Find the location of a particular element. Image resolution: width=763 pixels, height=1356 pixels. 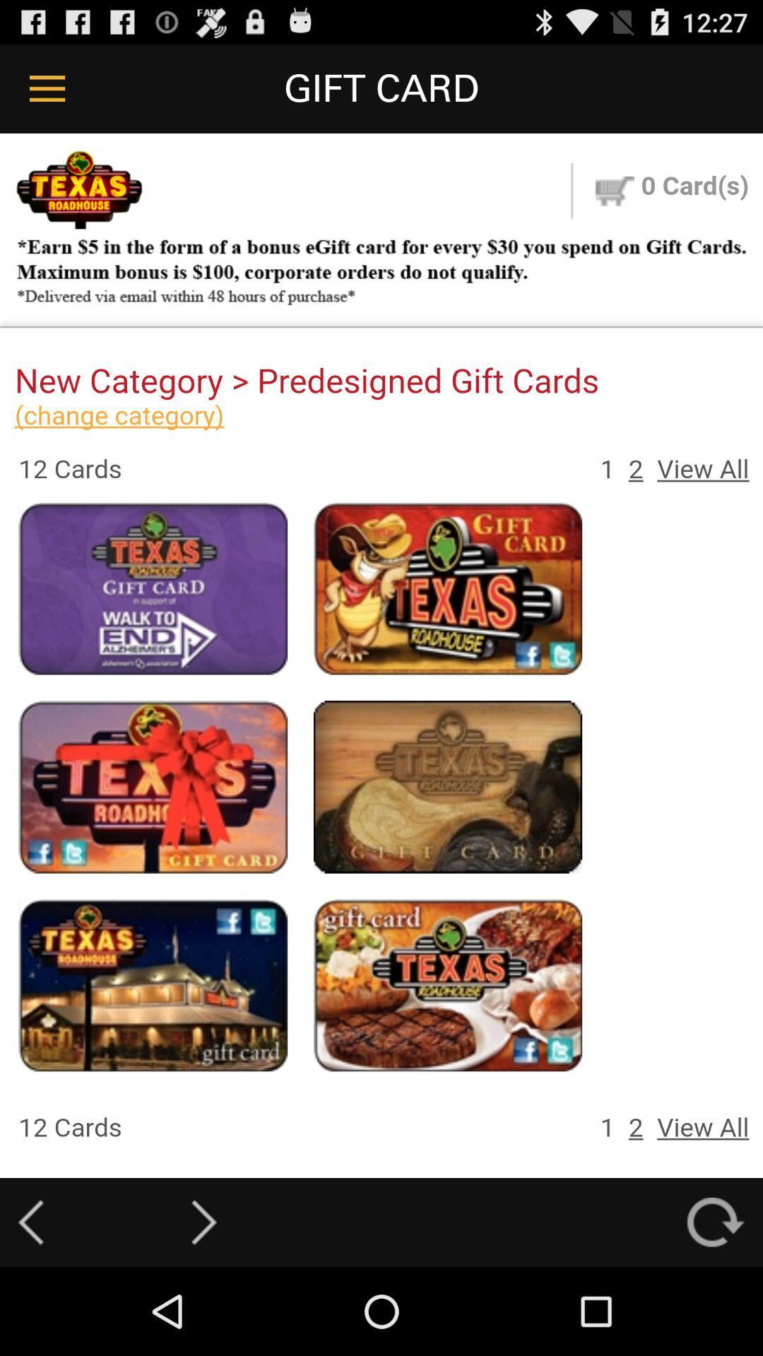

backword option is located at coordinates (30, 1222).